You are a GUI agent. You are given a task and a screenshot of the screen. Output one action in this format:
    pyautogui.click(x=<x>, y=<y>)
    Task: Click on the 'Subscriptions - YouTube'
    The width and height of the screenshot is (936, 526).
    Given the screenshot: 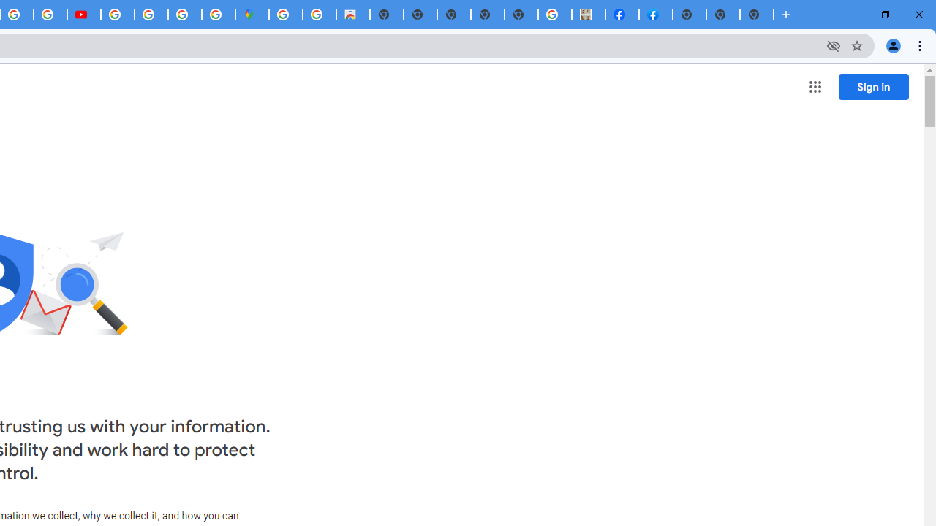 What is the action you would take?
    pyautogui.click(x=83, y=15)
    